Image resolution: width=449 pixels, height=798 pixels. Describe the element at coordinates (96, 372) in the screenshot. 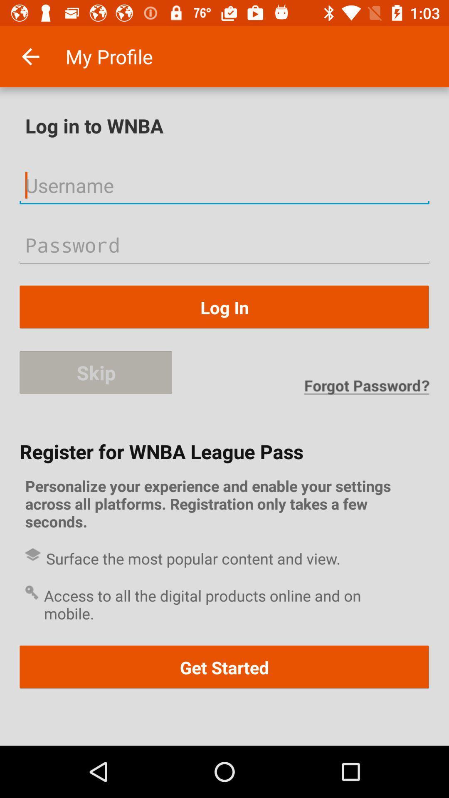

I see `icon below the log in item` at that location.